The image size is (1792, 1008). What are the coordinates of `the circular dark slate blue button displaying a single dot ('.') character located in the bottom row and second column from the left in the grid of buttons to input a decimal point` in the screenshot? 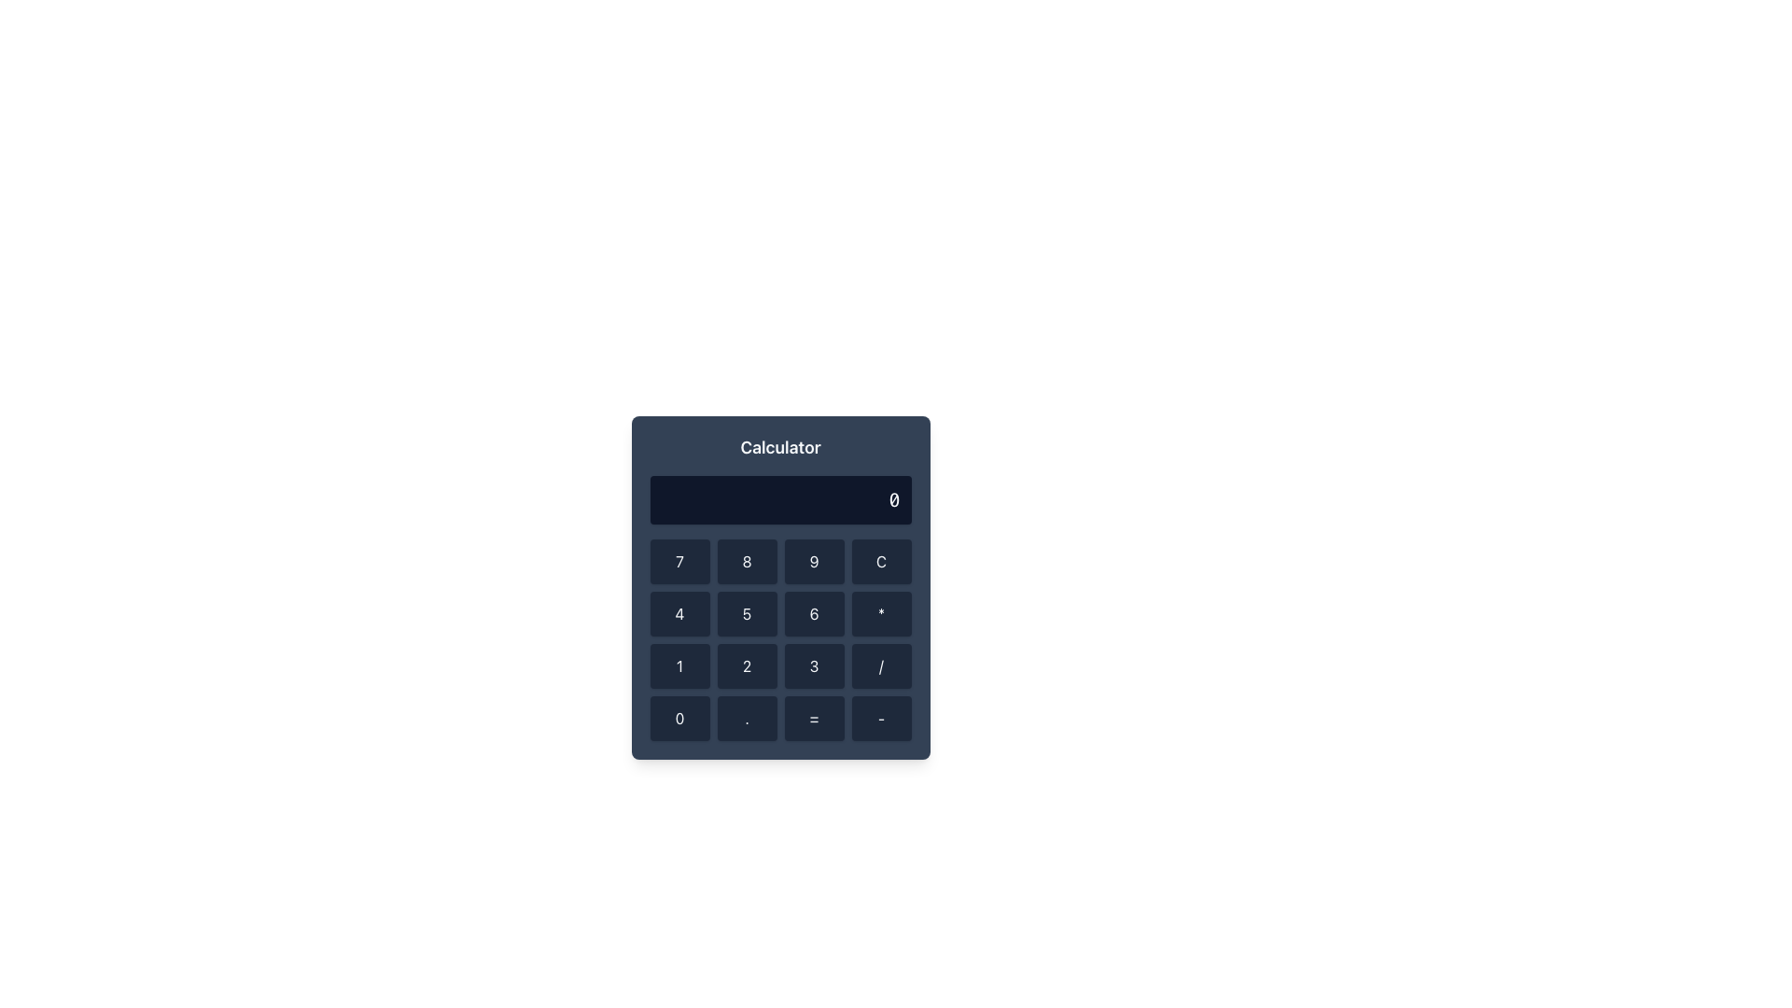 It's located at (747, 718).